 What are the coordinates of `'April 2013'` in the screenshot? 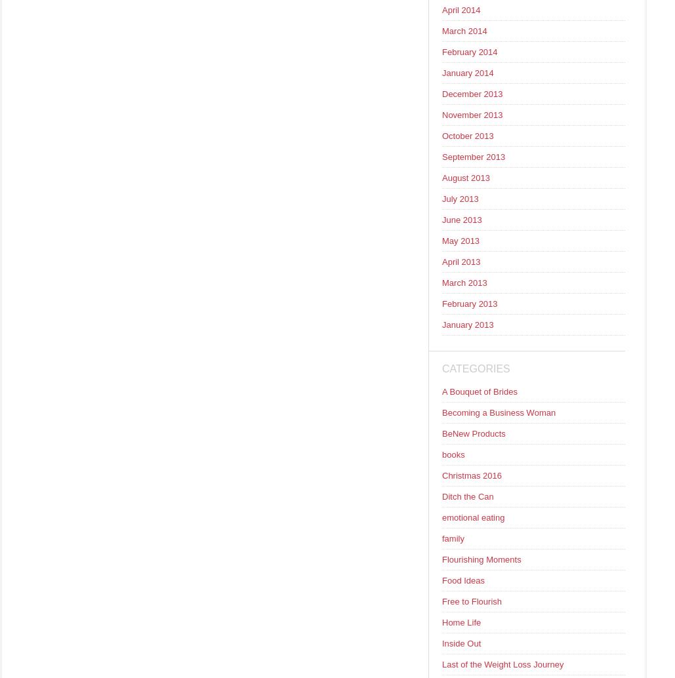 It's located at (441, 261).